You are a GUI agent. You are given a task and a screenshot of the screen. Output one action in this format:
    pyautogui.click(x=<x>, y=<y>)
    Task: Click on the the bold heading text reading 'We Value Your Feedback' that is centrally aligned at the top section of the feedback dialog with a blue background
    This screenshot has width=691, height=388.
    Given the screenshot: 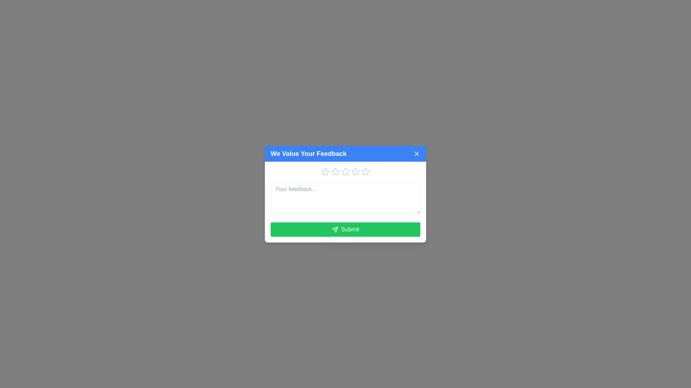 What is the action you would take?
    pyautogui.click(x=308, y=153)
    